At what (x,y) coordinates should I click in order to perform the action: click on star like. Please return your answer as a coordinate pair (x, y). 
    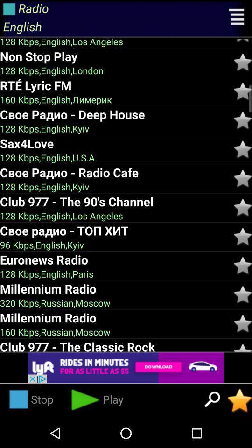
    Looking at the image, I should click on (243, 91).